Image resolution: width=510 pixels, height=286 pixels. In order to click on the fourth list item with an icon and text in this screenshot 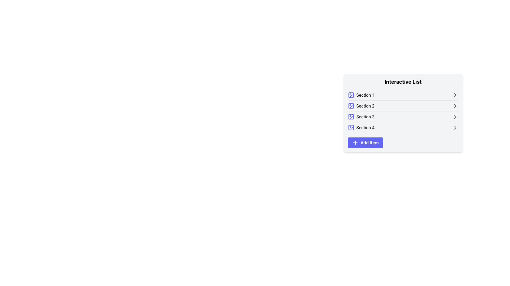, I will do `click(361, 128)`.